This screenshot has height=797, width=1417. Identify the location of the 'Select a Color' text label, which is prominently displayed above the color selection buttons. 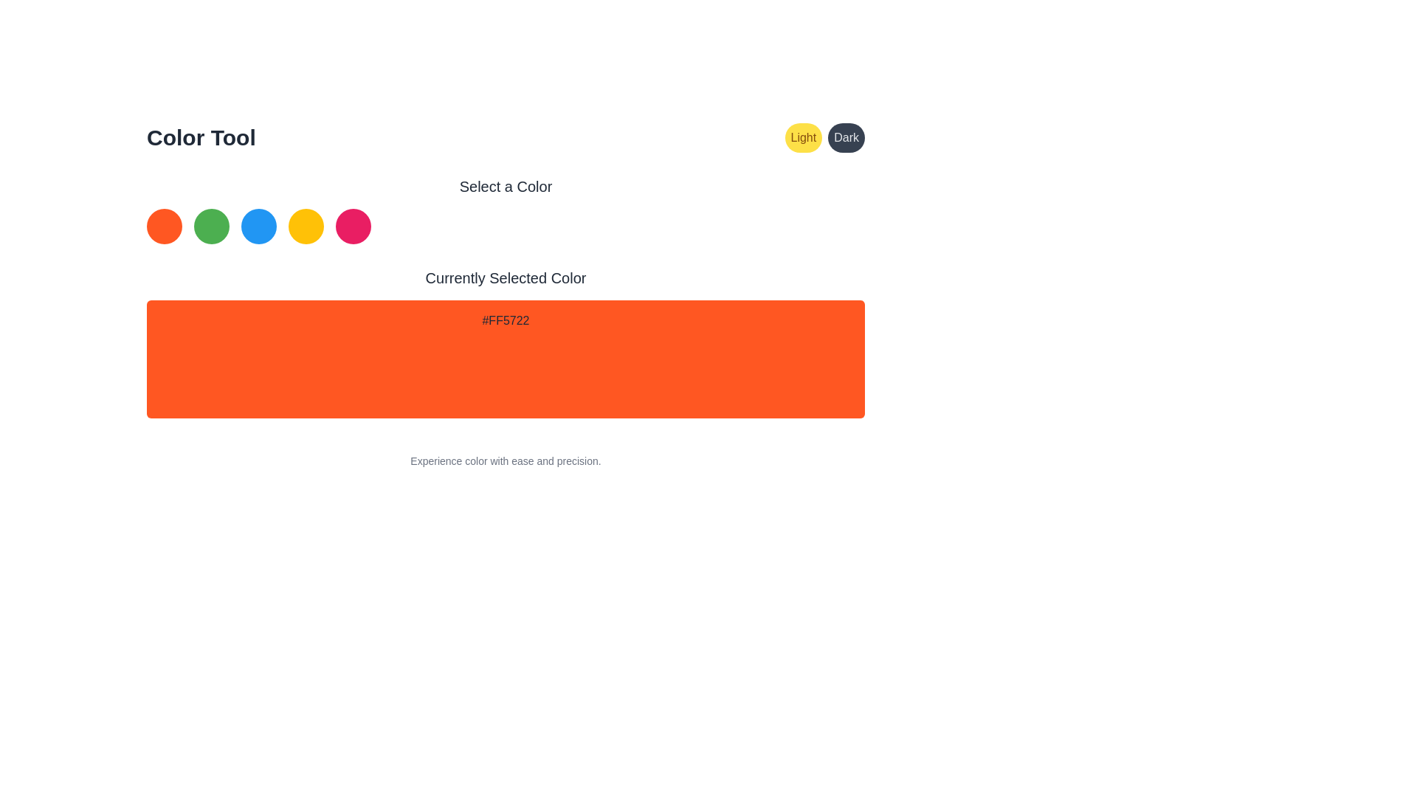
(506, 186).